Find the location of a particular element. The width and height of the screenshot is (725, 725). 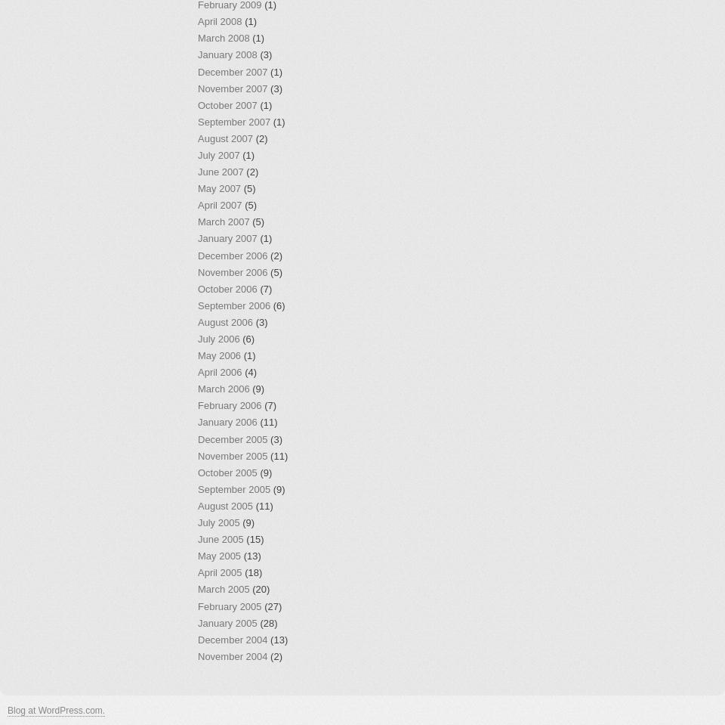

'November 2007' is located at coordinates (232, 88).